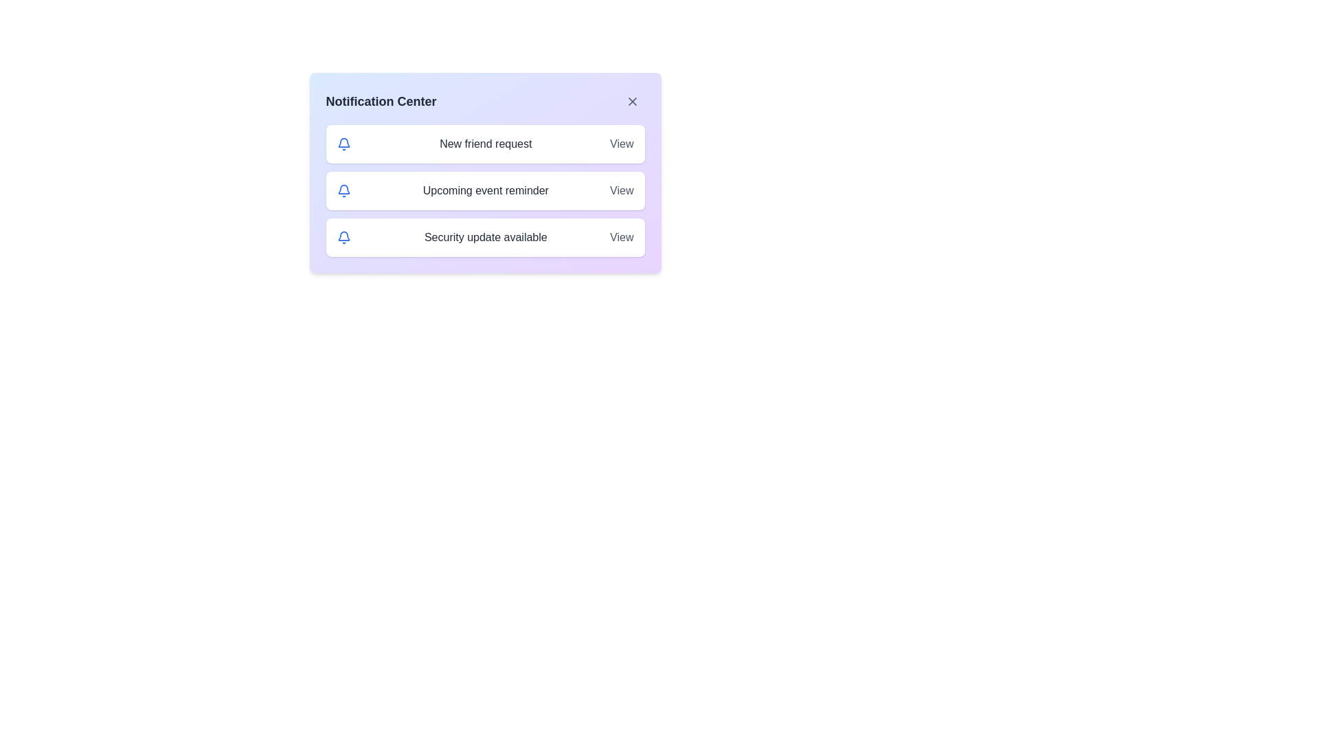  Describe the element at coordinates (631, 100) in the screenshot. I see `the close button (X) of the Notification Center` at that location.